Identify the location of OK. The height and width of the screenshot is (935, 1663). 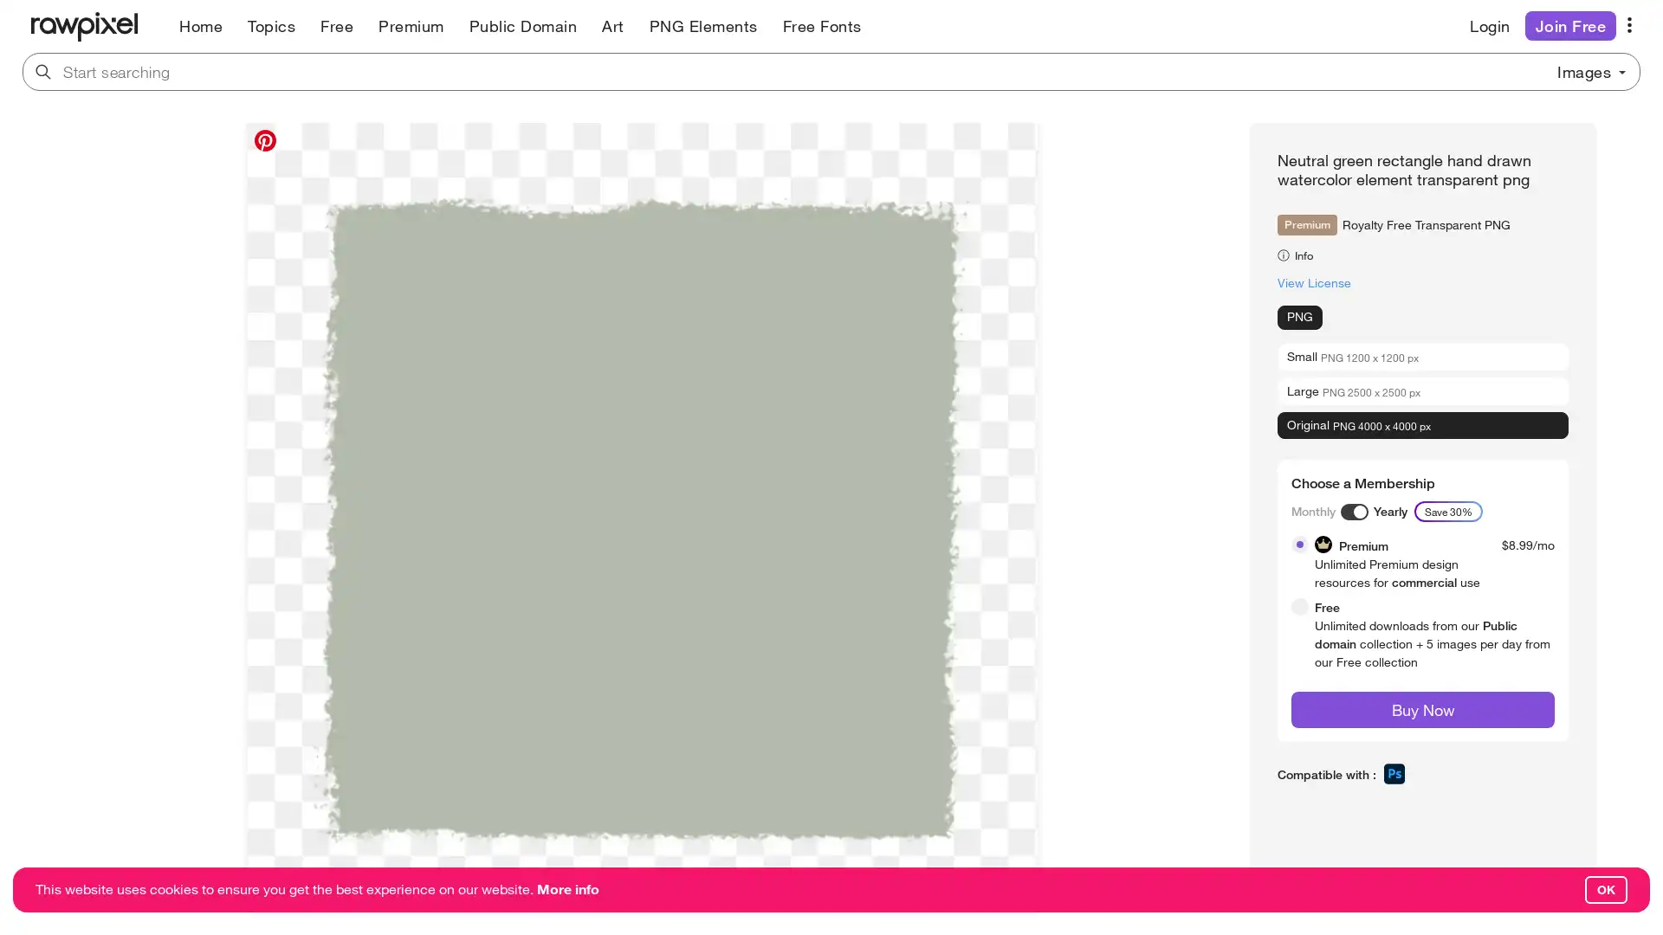
(1605, 890).